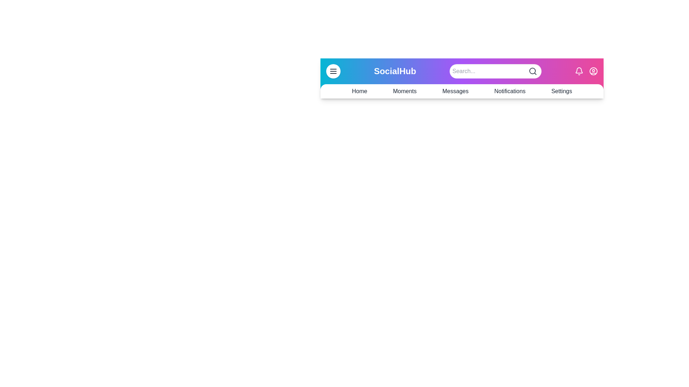 This screenshot has width=689, height=387. Describe the element at coordinates (455, 91) in the screenshot. I see `the navigation link labeled Messages` at that location.